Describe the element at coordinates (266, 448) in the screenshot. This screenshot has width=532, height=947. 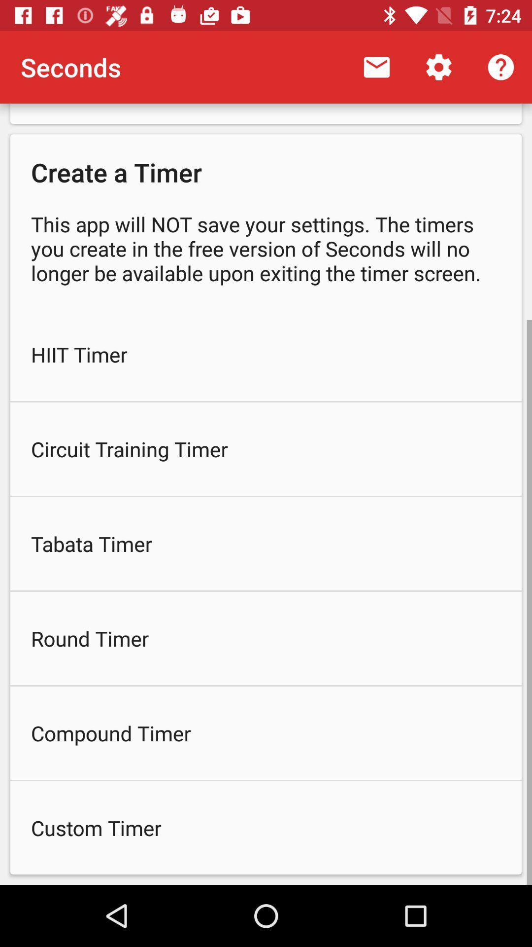
I see `the circuit training timer icon` at that location.